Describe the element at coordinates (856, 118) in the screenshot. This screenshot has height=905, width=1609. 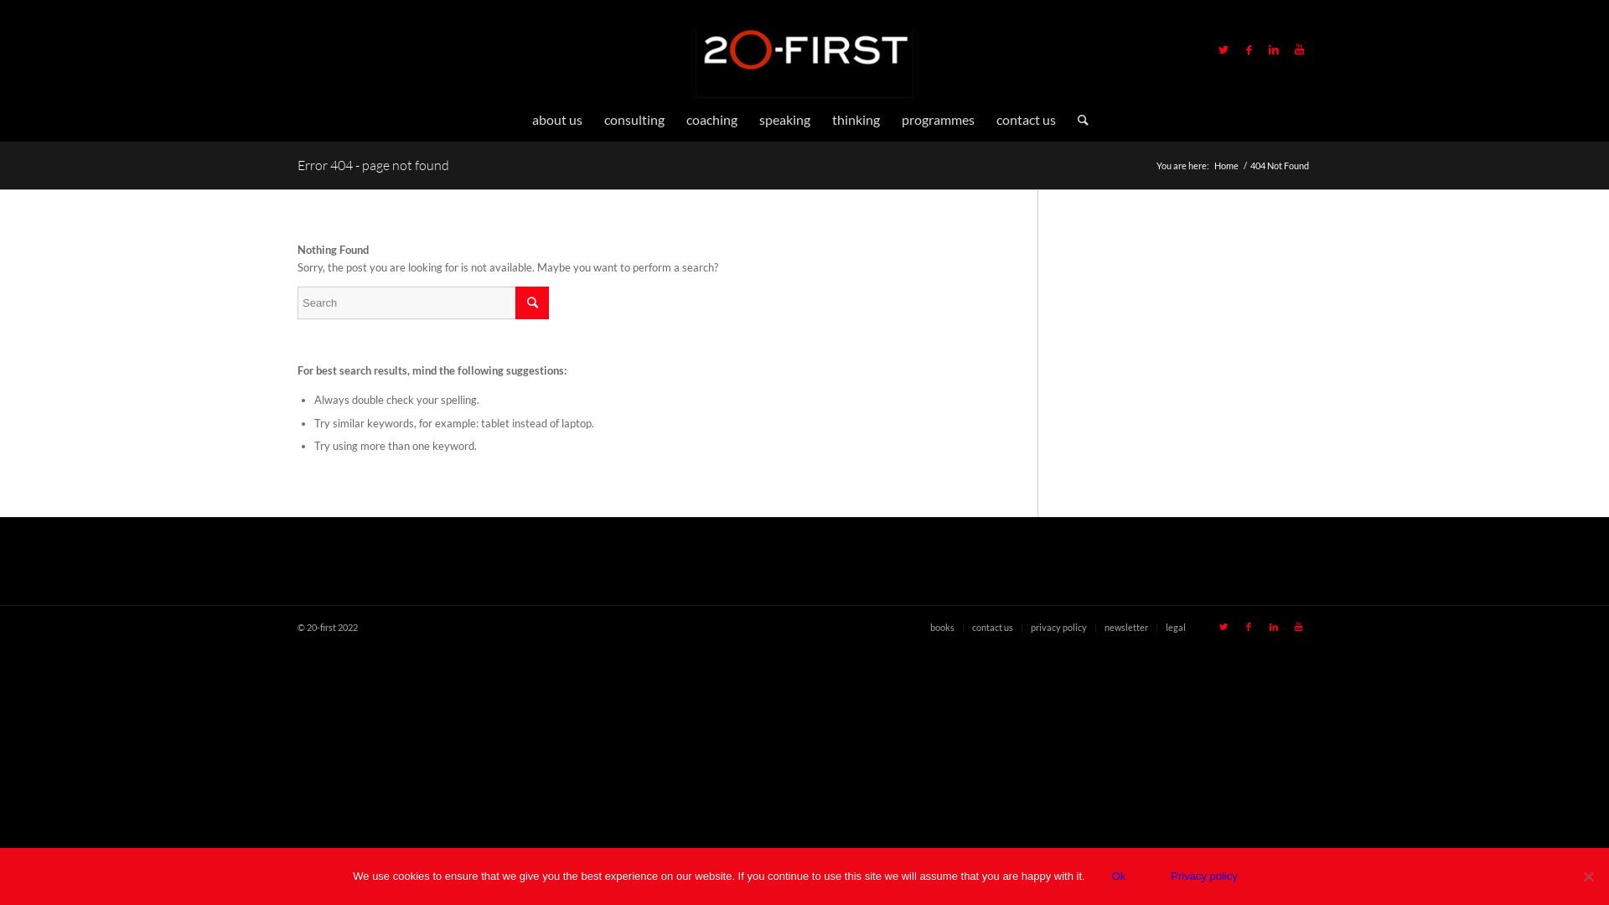
I see `'thinking'` at that location.